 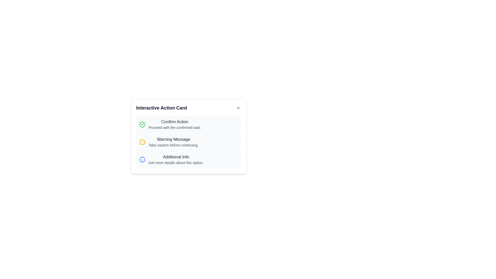 What do you see at coordinates (174, 142) in the screenshot?
I see `warning message contained in the text block with the heading 'Warning Message' and the description 'Take caution before continuing.'` at bounding box center [174, 142].